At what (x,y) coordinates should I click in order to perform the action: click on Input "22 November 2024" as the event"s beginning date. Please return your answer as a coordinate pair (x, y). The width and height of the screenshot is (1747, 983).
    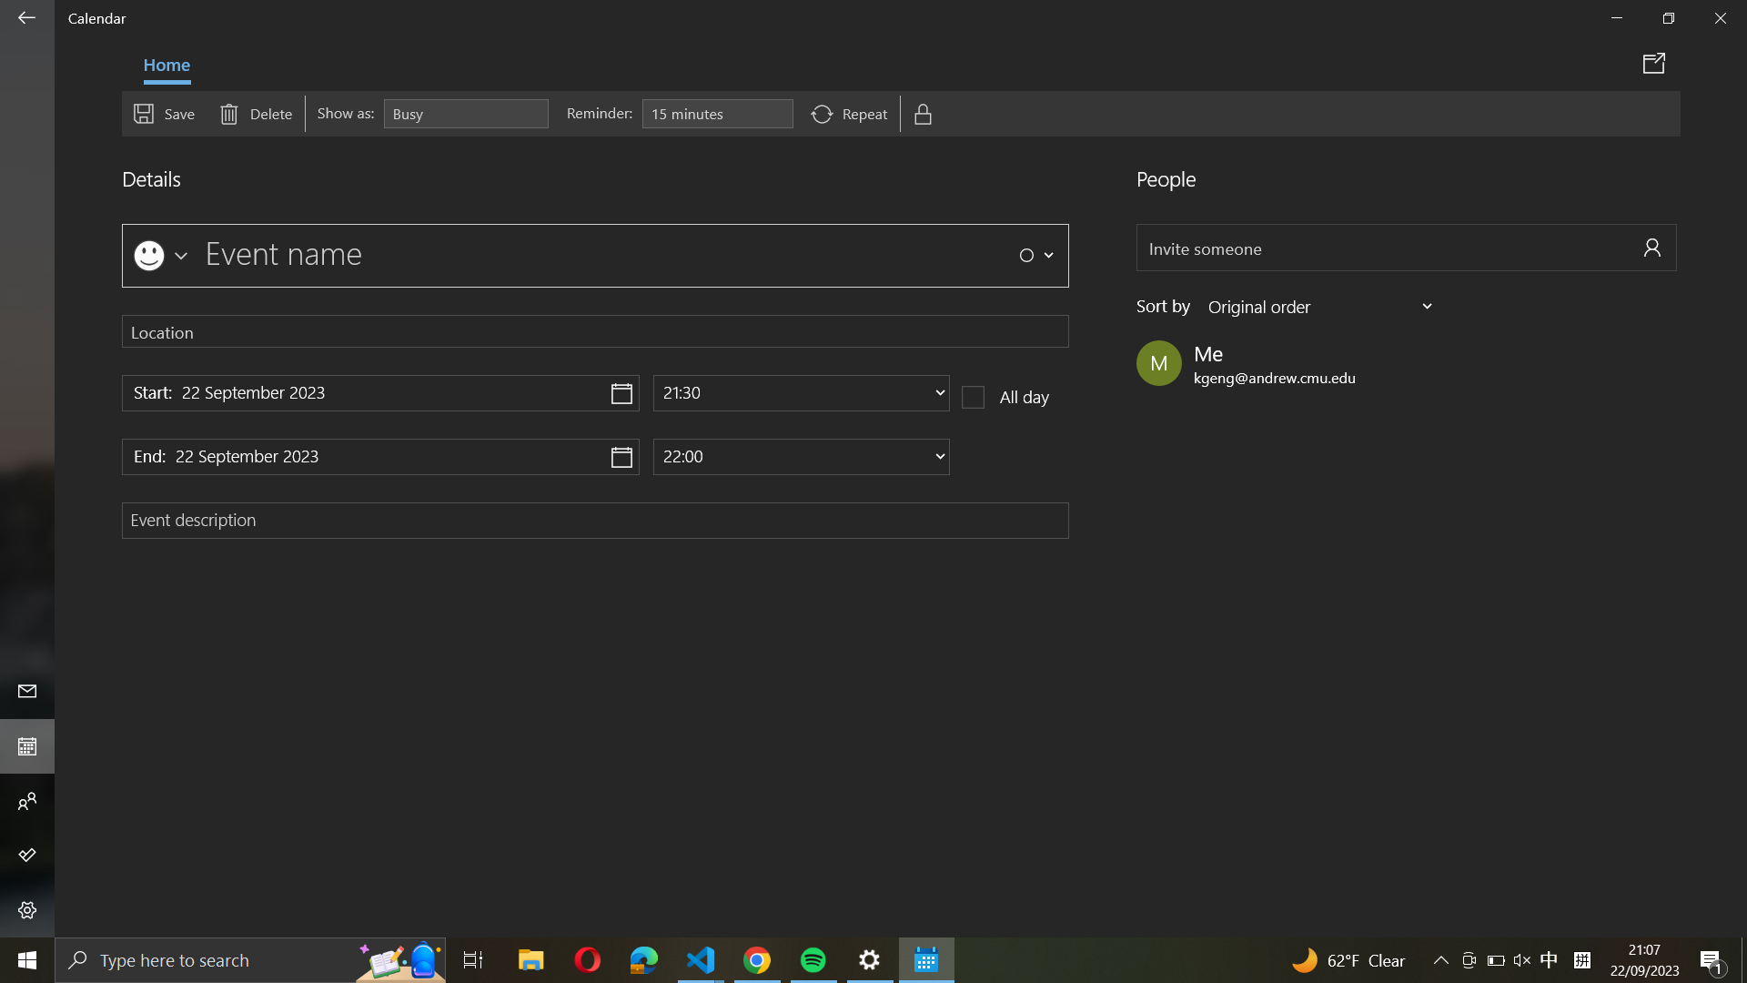
    Looking at the image, I should click on (379, 392).